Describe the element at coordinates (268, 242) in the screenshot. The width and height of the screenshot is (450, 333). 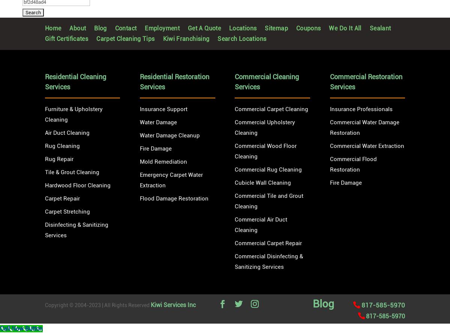
I see `'Commercial Carpet Repair'` at that location.